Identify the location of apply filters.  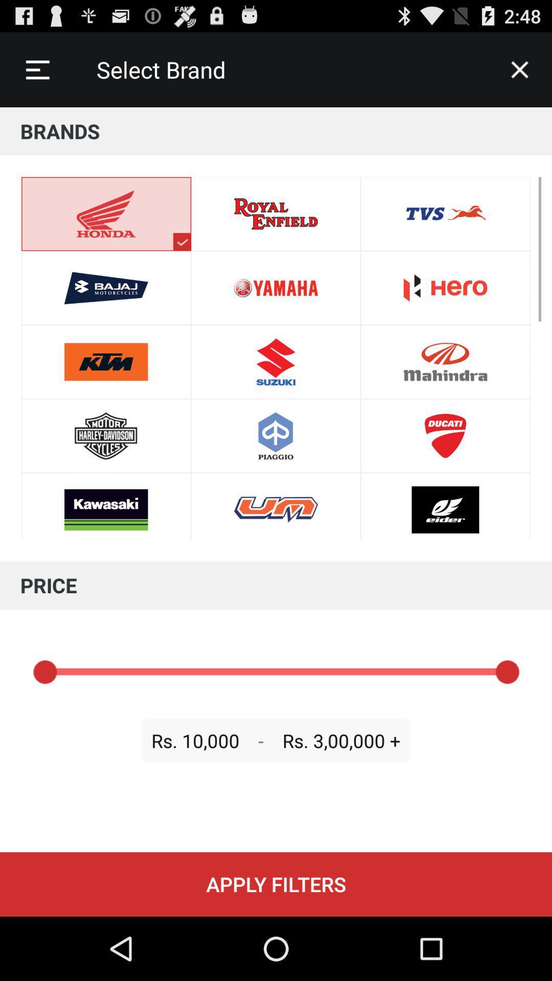
(276, 884).